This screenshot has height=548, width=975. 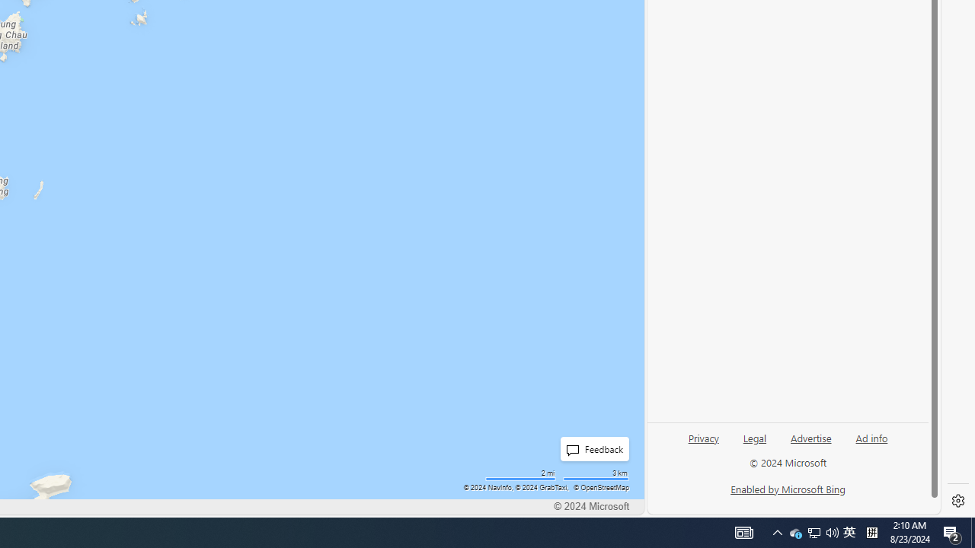 I want to click on 'Privacy', so click(x=702, y=437).